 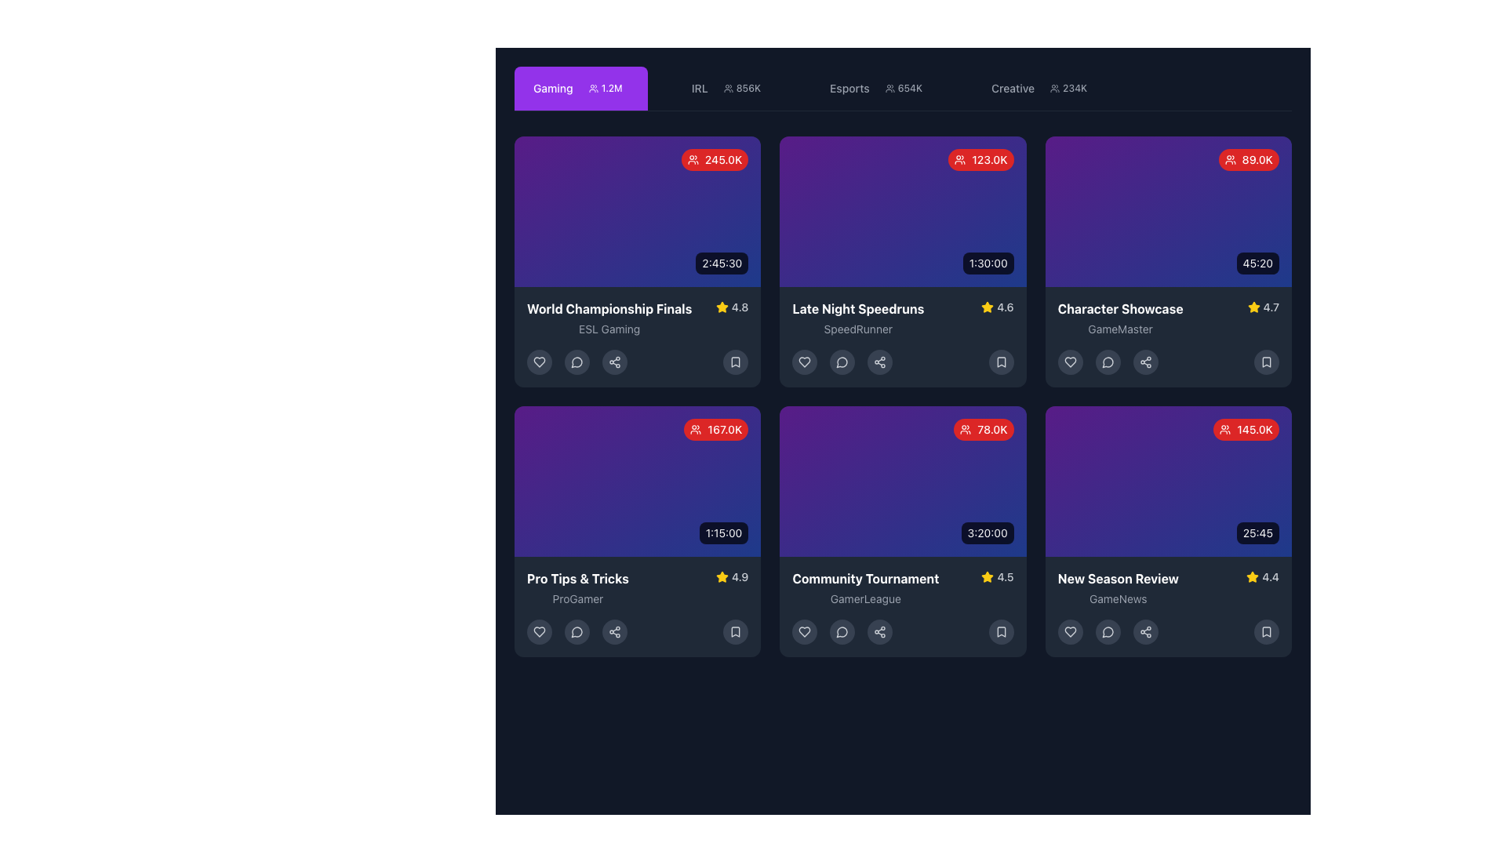 I want to click on the group of users icon located to the left of the count '654K' within the 'Esports' tab in the navigation bar, so click(x=889, y=88).